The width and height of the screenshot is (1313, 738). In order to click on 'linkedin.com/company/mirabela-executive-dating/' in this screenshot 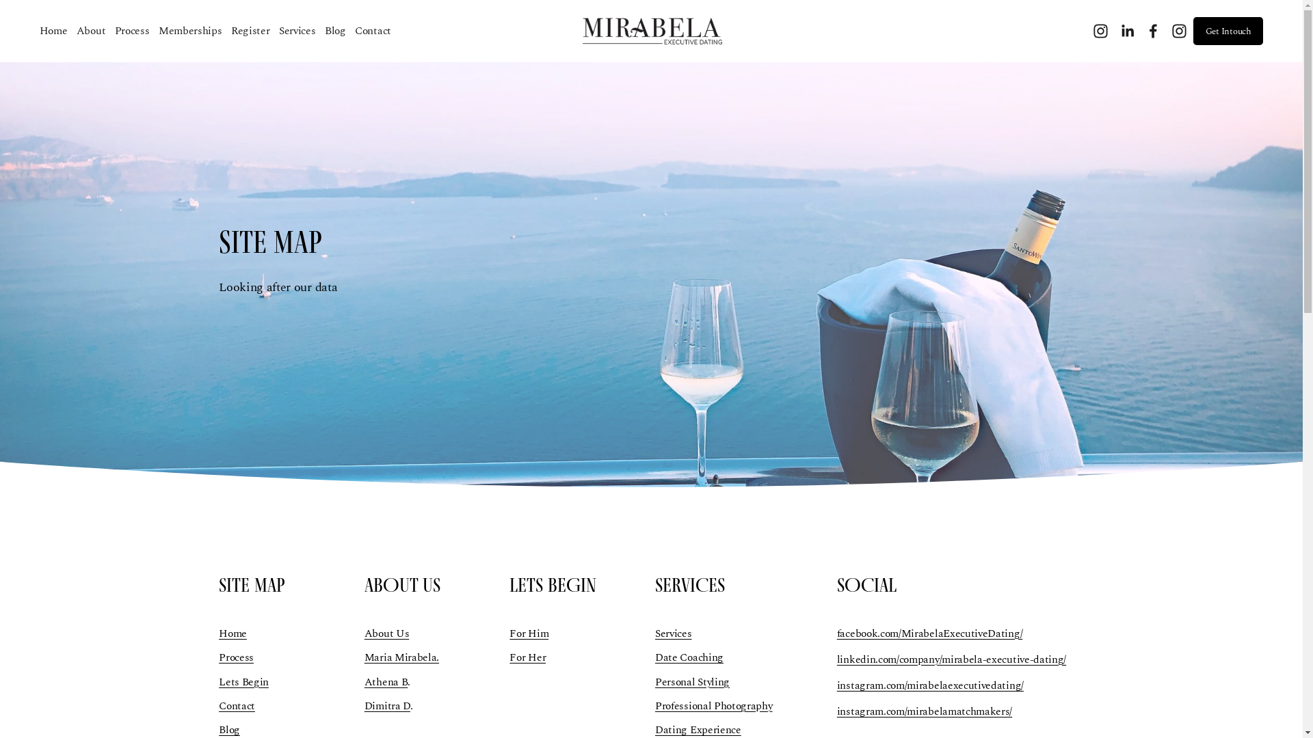, I will do `click(951, 658)`.